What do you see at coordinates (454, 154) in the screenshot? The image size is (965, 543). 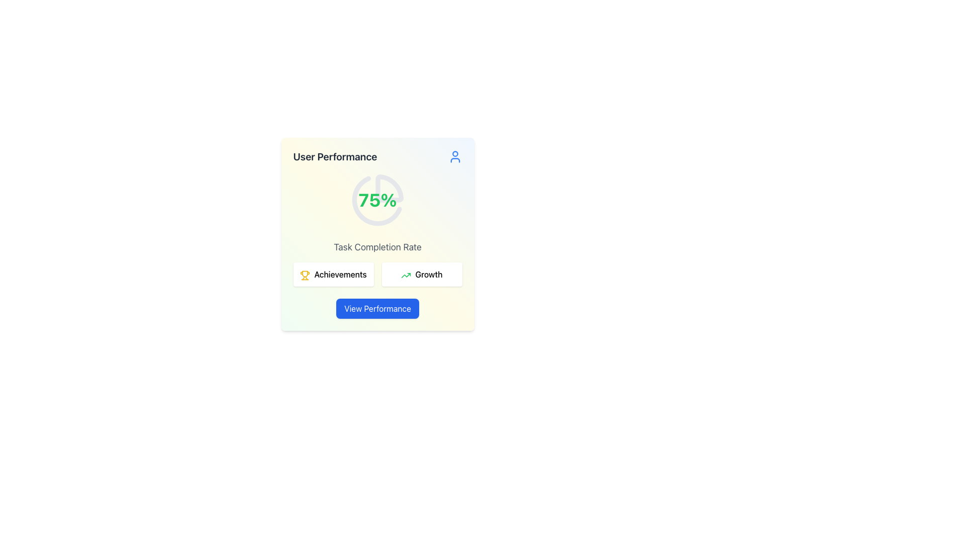 I see `the circular graphic element that forms the head of the user icon located at the top-right corner of the interface` at bounding box center [454, 154].